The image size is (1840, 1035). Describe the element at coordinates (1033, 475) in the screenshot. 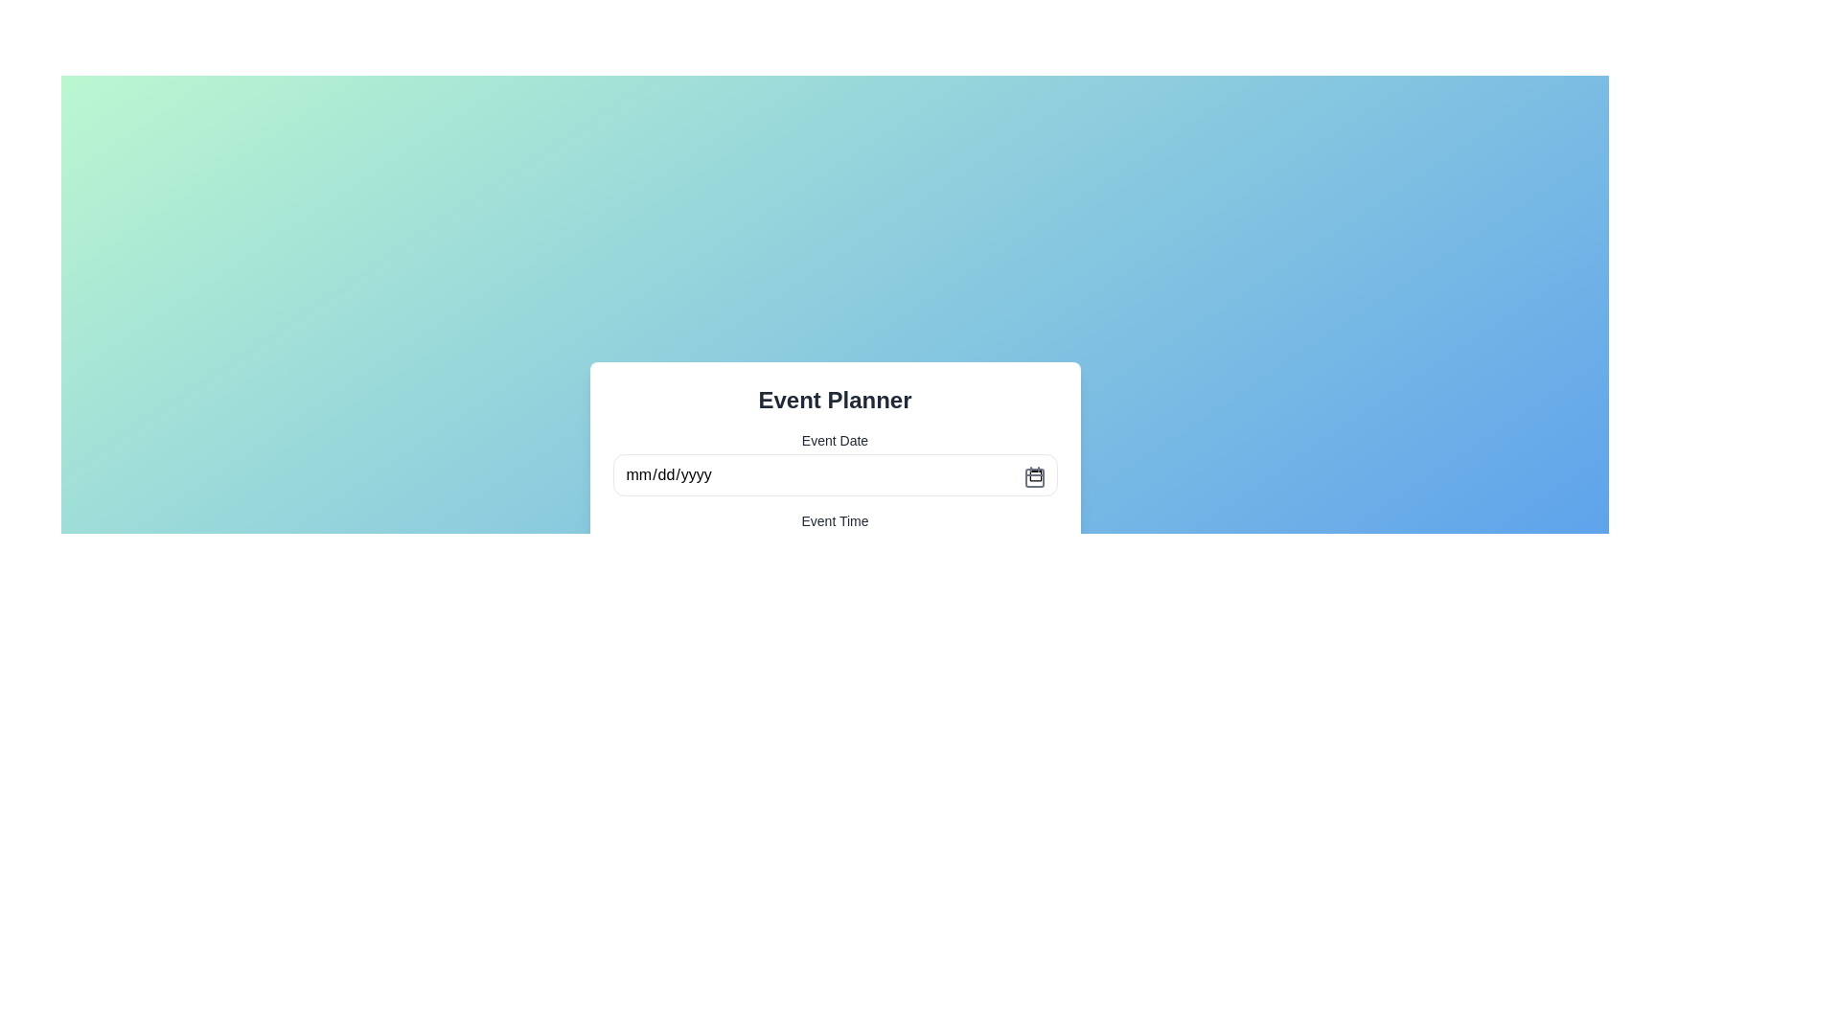

I see `the calendar icon located at the top-right corner of the 'Event Date.' text input field` at that location.